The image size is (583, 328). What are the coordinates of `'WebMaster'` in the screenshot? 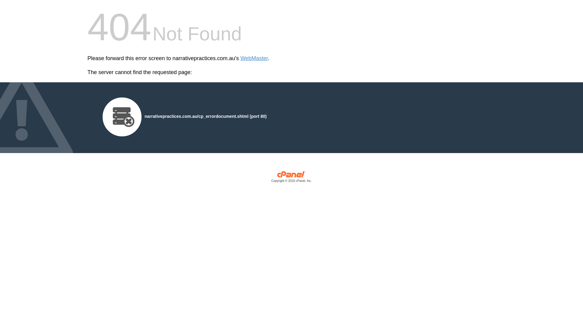 It's located at (254, 58).